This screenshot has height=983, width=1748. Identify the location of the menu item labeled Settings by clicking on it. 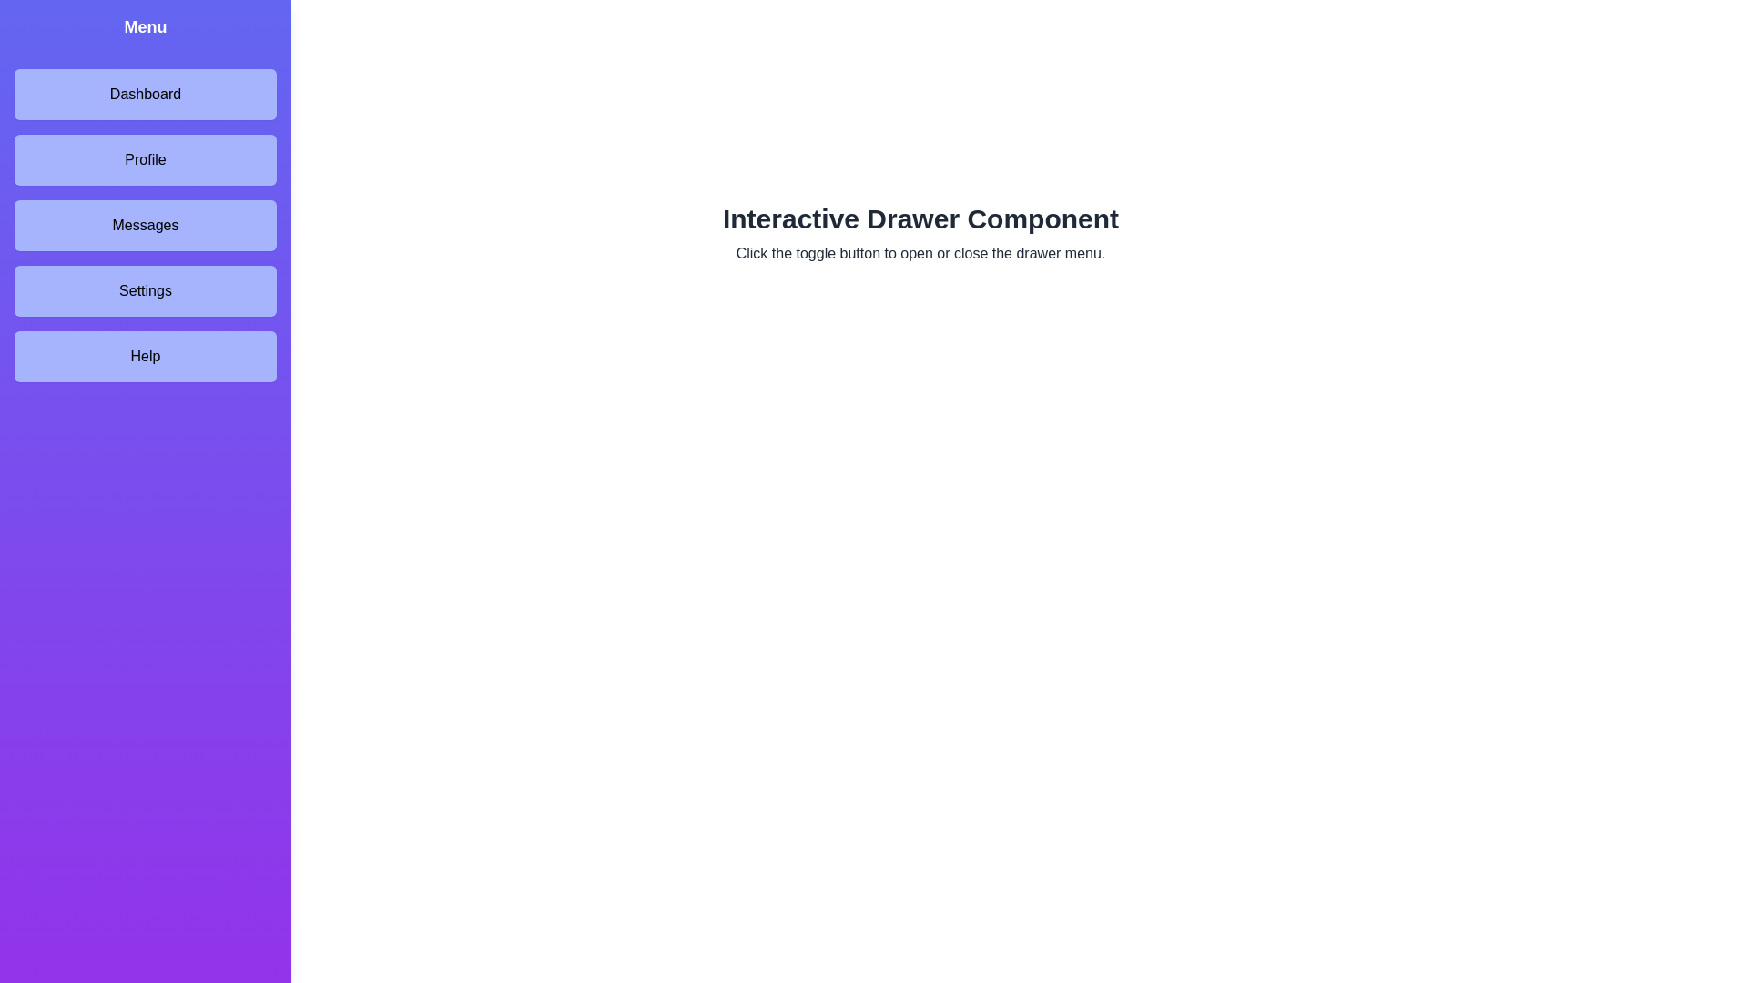
(144, 290).